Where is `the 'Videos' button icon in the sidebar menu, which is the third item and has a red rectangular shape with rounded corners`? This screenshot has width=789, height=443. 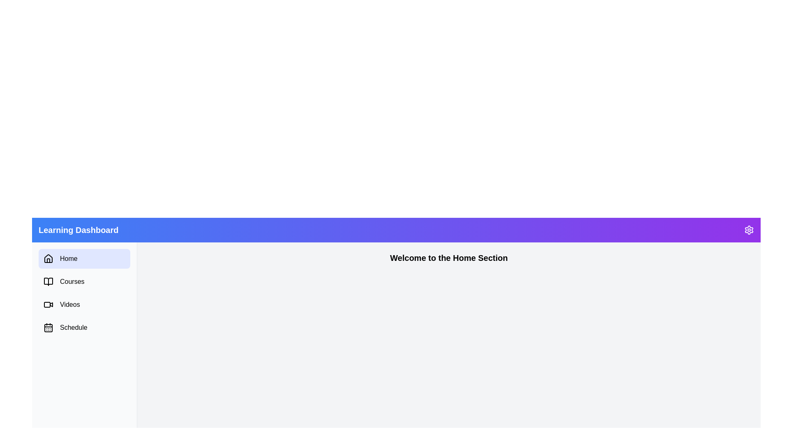 the 'Videos' button icon in the sidebar menu, which is the third item and has a red rectangular shape with rounded corners is located at coordinates (47, 305).